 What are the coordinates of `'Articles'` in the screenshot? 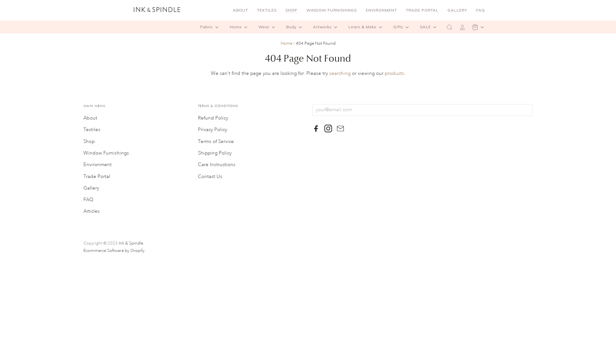 It's located at (91, 211).